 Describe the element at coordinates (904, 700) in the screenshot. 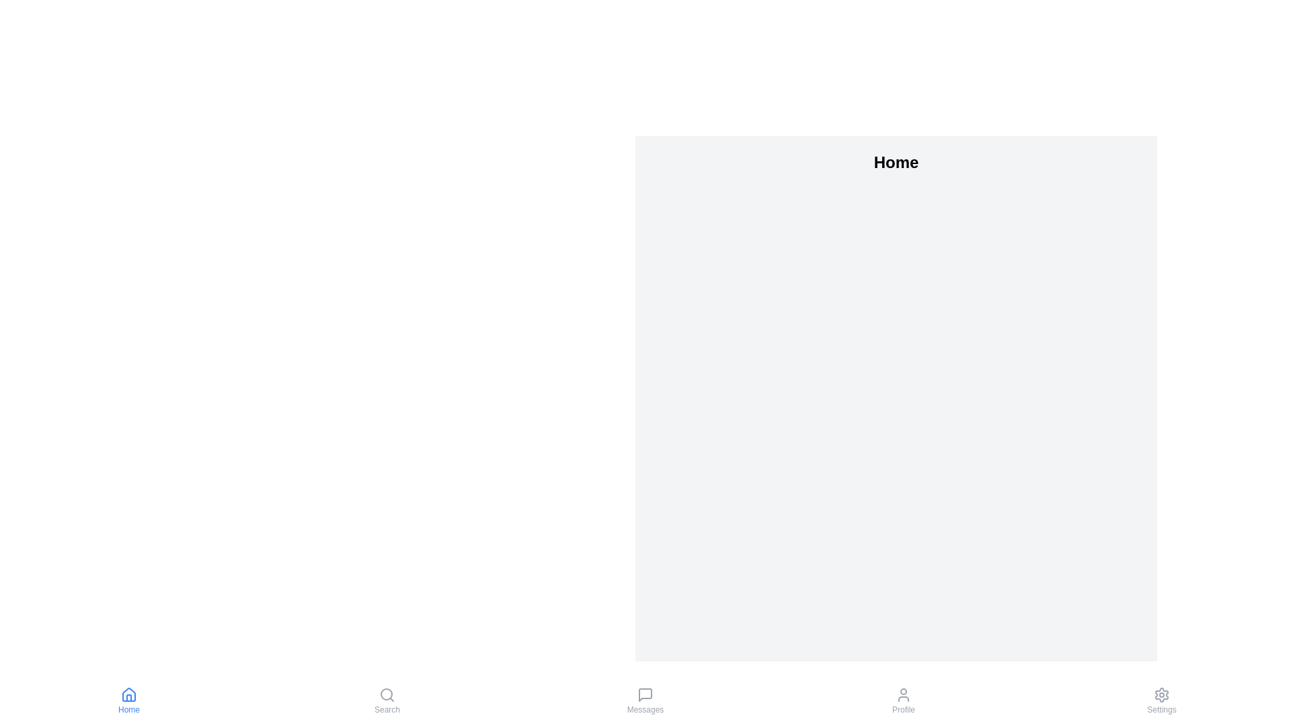

I see `the navigation button for 'Profile' located in the bottom navigation bar` at that location.